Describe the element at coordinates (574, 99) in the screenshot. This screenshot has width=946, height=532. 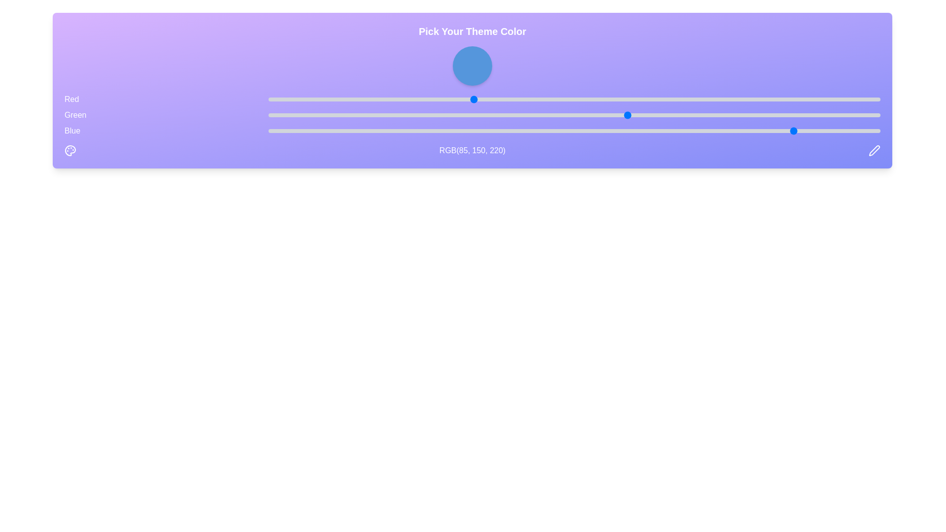
I see `the horizontal slider associated with the label 'Red', which has a gray track and a blue thumb, positioned in the first slot of a vertical stack for RGB color adjustment` at that location.